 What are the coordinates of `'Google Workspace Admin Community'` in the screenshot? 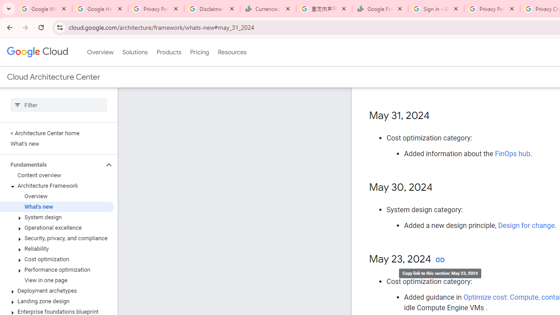 It's located at (44, 9).